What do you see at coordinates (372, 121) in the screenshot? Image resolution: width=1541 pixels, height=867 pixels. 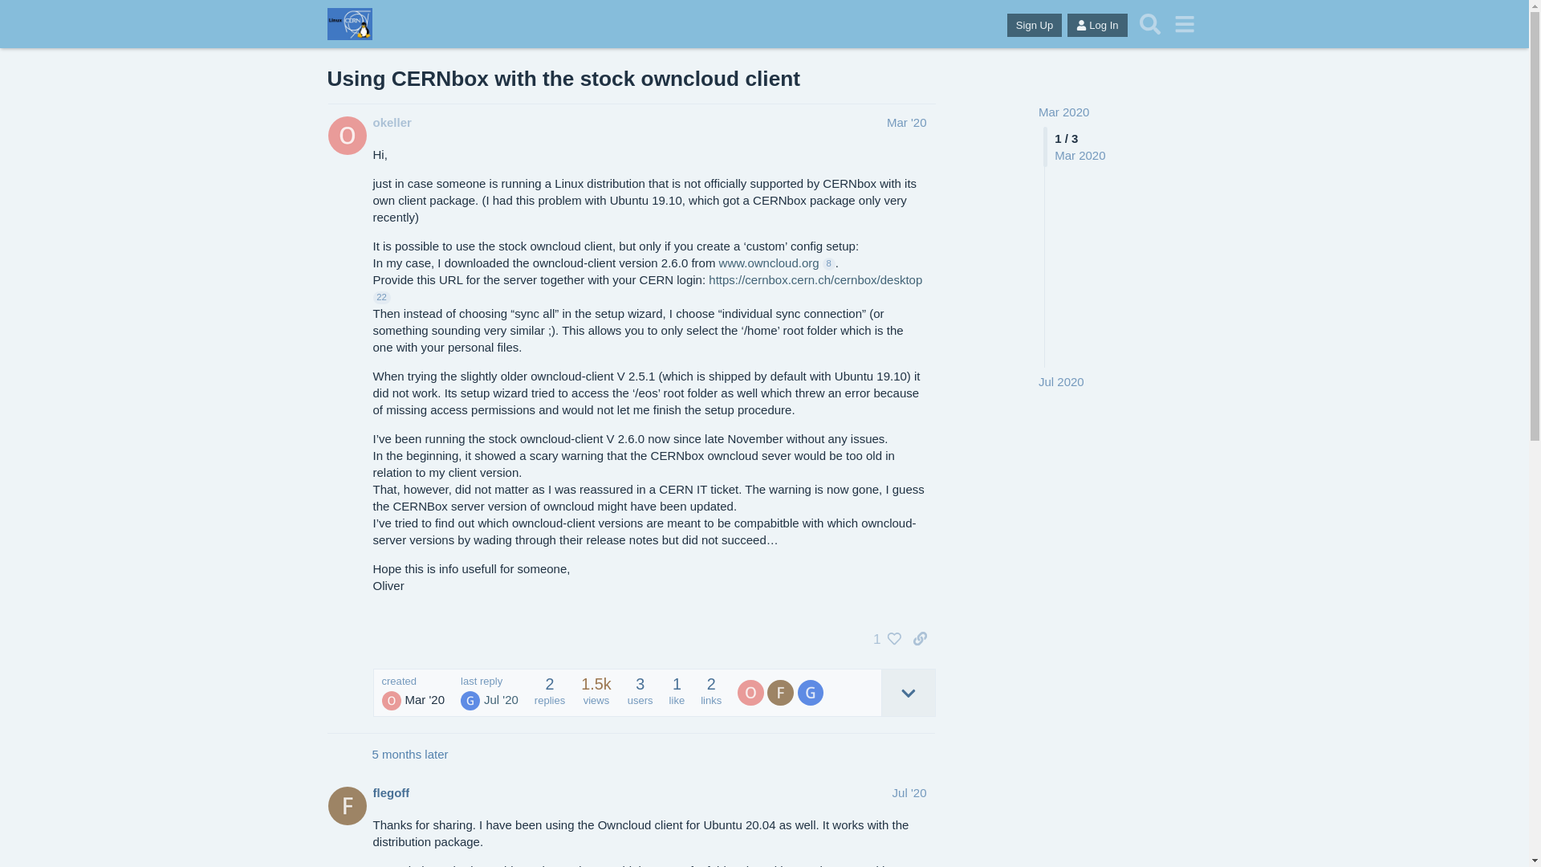 I see `'okeller'` at bounding box center [372, 121].